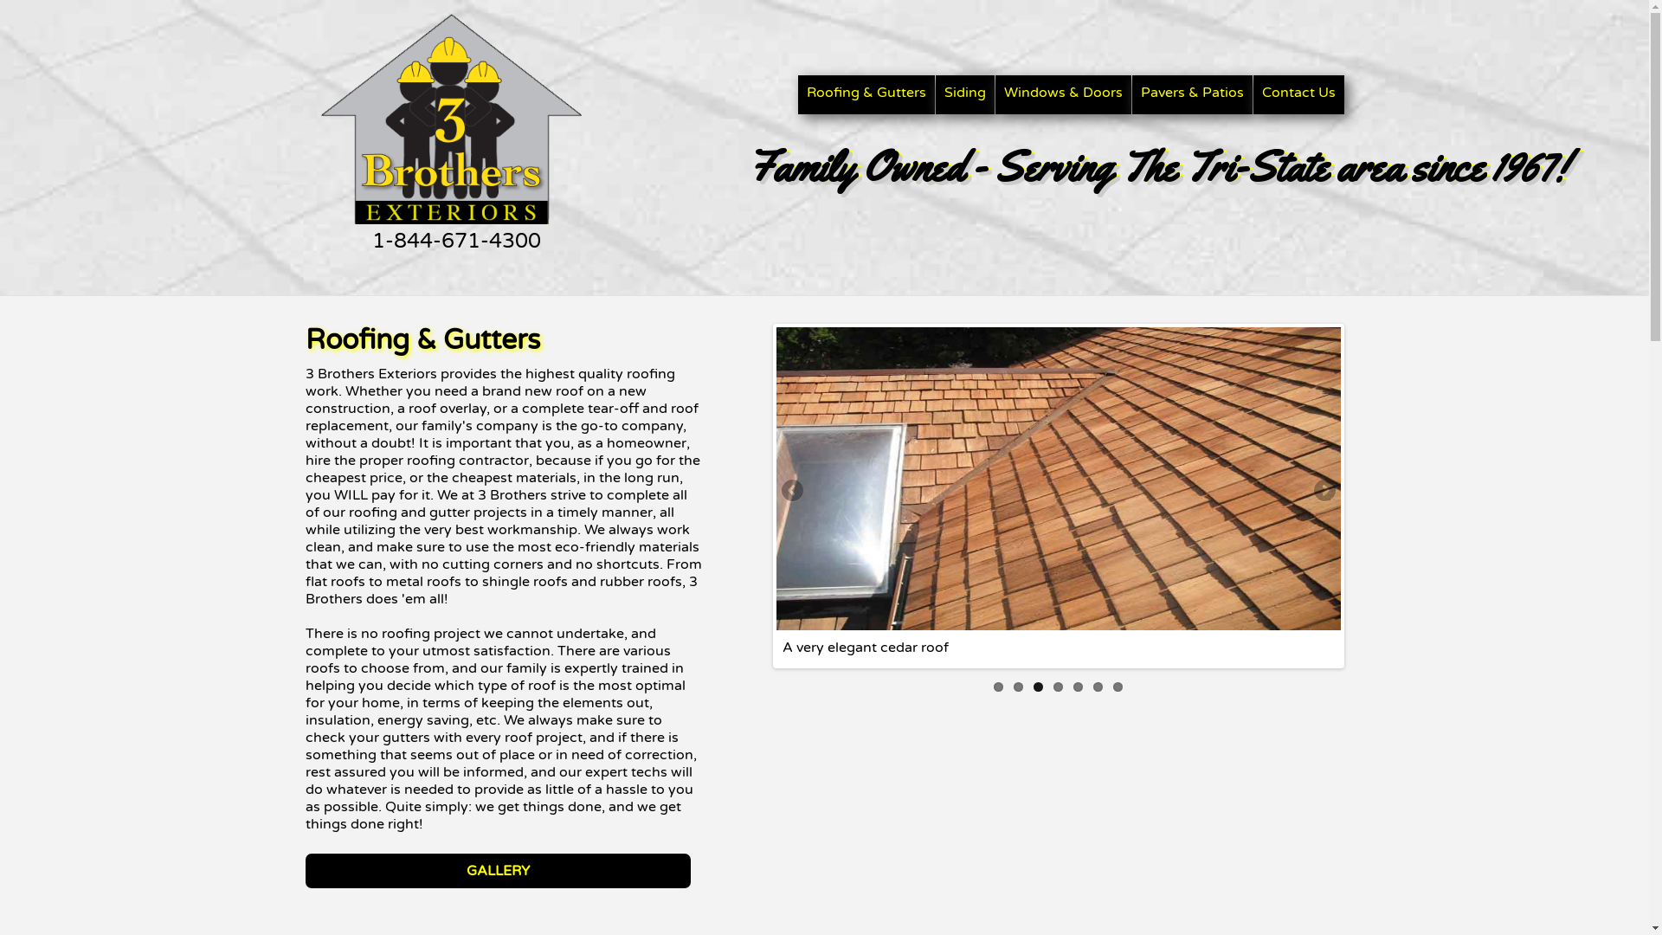  What do you see at coordinates (1118, 686) in the screenshot?
I see `'7'` at bounding box center [1118, 686].